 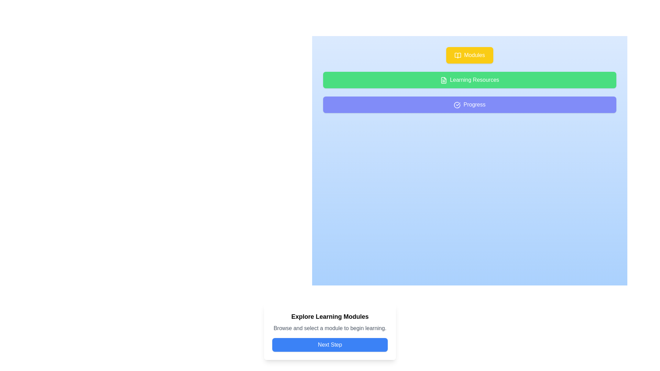 What do you see at coordinates (330, 328) in the screenshot?
I see `the static text label that provides additional descriptive text related to the learning modules, located between the bold title 'Explore Learning Modules' and the 'Next Step' button` at bounding box center [330, 328].